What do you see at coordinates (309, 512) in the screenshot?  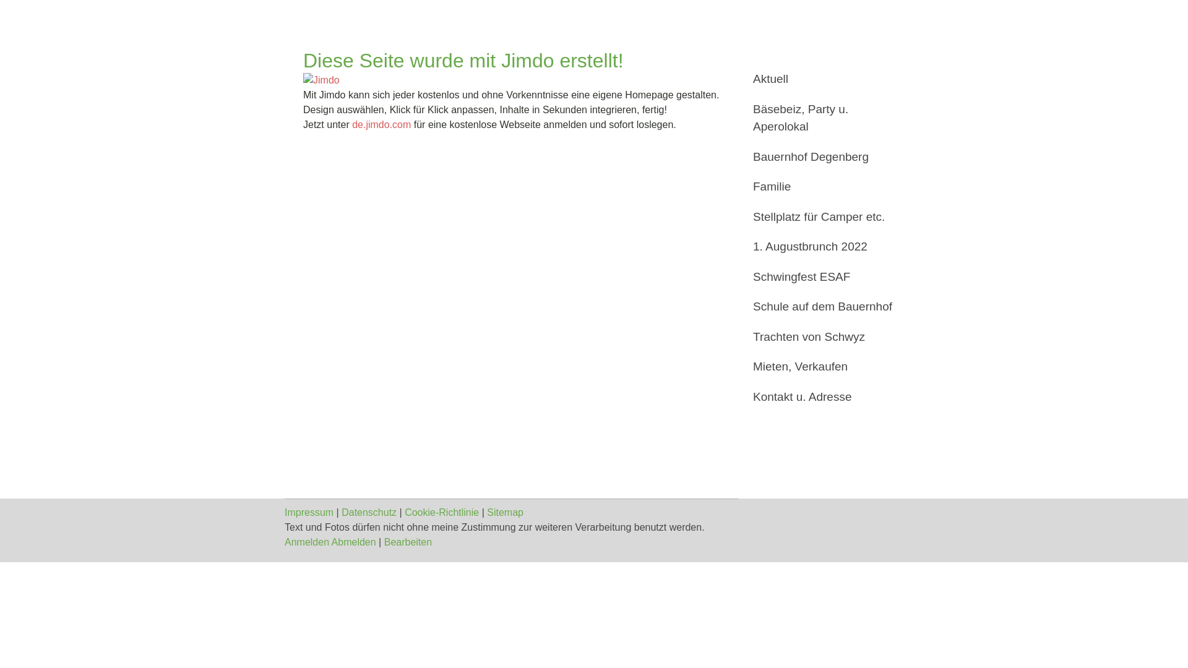 I see `'Impressum'` at bounding box center [309, 512].